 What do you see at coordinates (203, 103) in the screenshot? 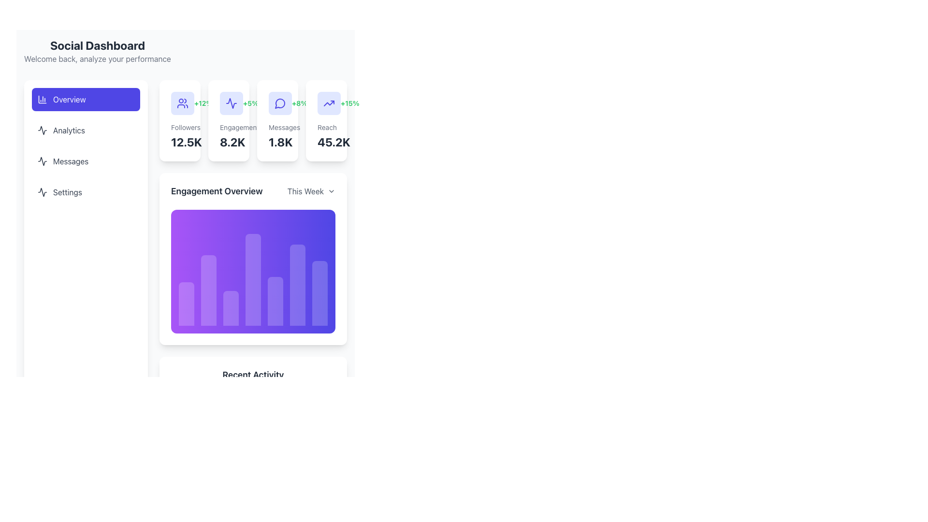
I see `the text label element indicating a 12% increase in Followers count` at bounding box center [203, 103].